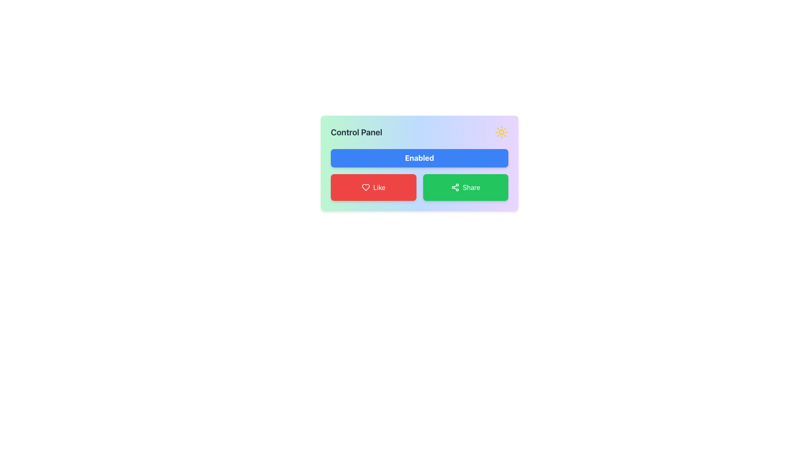 The image size is (802, 451). I want to click on status of the 'Enabled' button on the Control Panel, which is a blue button with white text located centrally within the display panel, so click(419, 163).